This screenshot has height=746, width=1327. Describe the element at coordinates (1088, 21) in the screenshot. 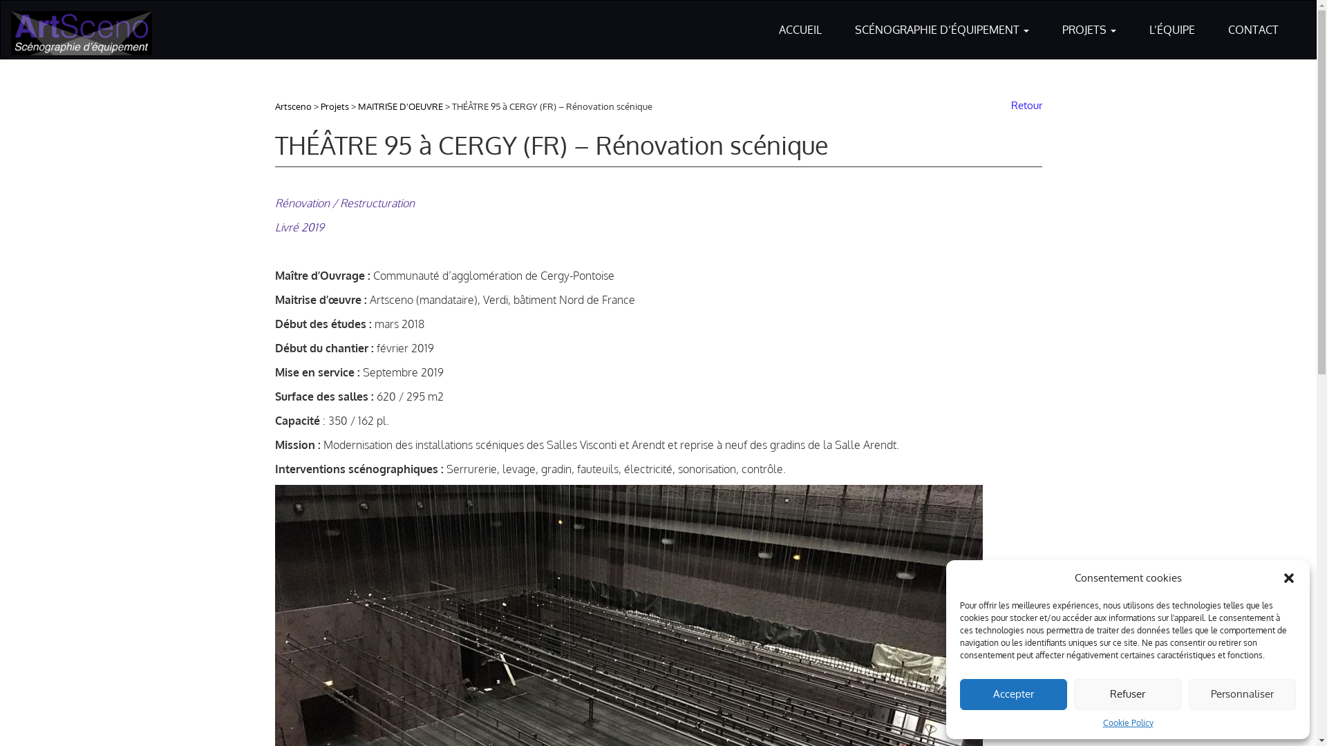

I see `'PROJETS'` at that location.